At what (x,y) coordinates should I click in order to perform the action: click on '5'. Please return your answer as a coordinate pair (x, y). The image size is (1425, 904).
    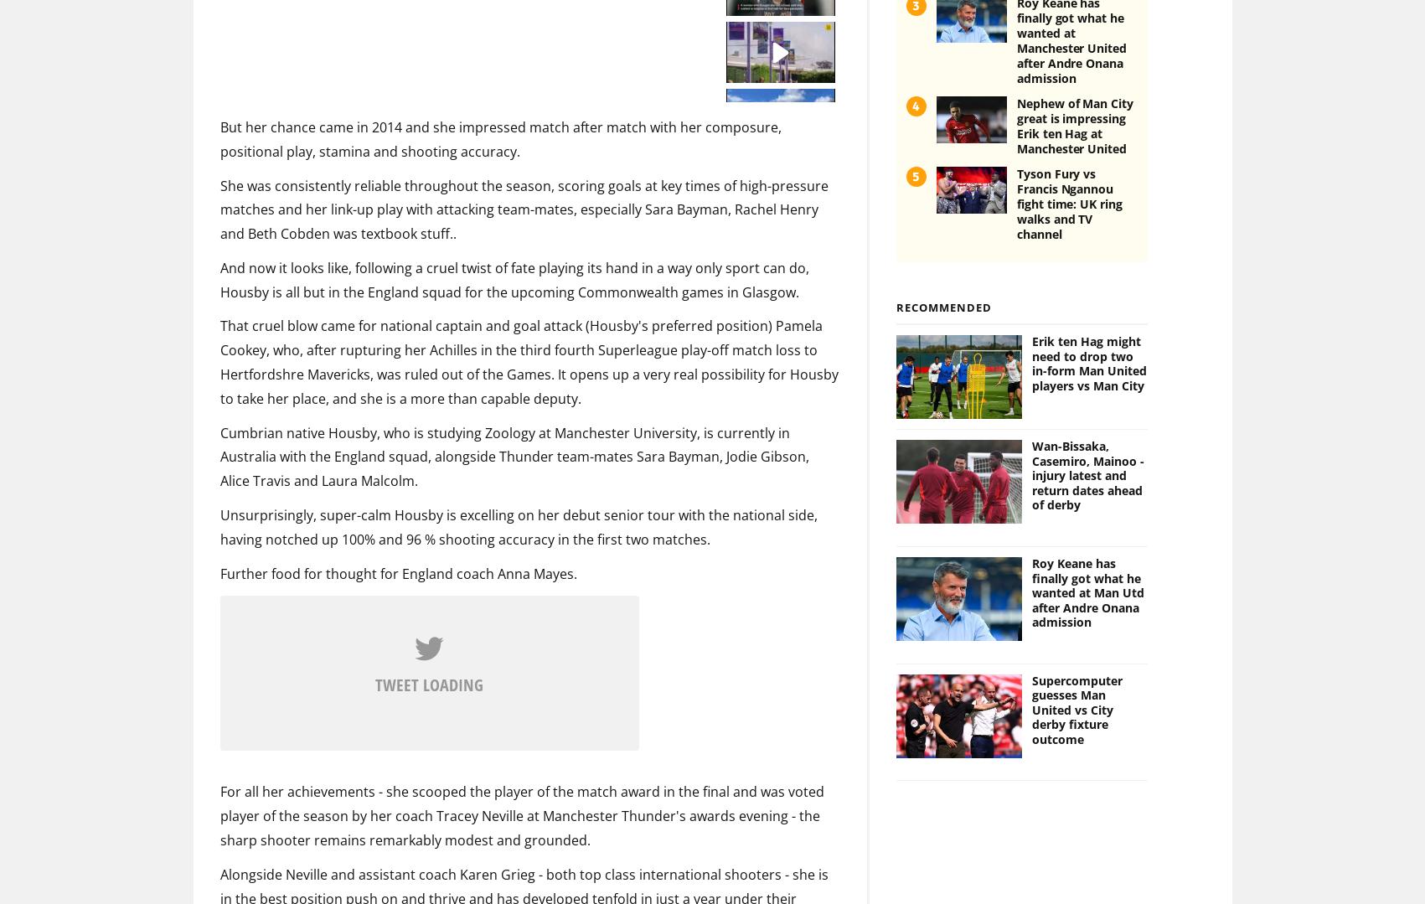
    Looking at the image, I should click on (911, 149).